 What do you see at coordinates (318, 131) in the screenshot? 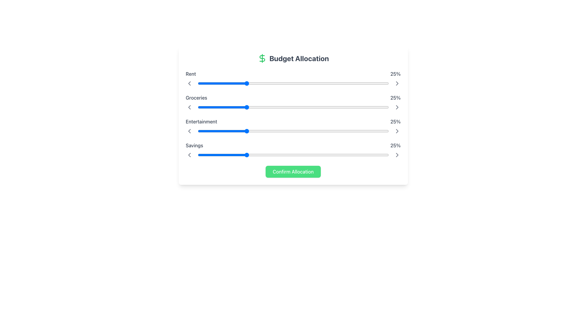
I see `the slider for 'Entertainment'` at bounding box center [318, 131].